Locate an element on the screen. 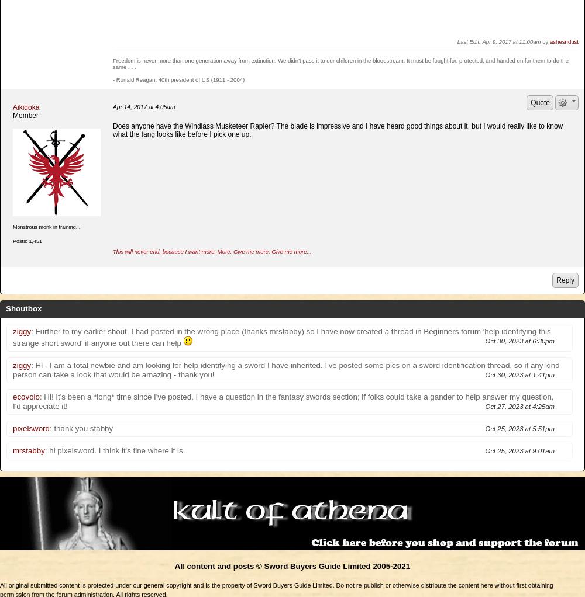 This screenshot has height=597, width=585. 'ashesndust' is located at coordinates (549, 41).